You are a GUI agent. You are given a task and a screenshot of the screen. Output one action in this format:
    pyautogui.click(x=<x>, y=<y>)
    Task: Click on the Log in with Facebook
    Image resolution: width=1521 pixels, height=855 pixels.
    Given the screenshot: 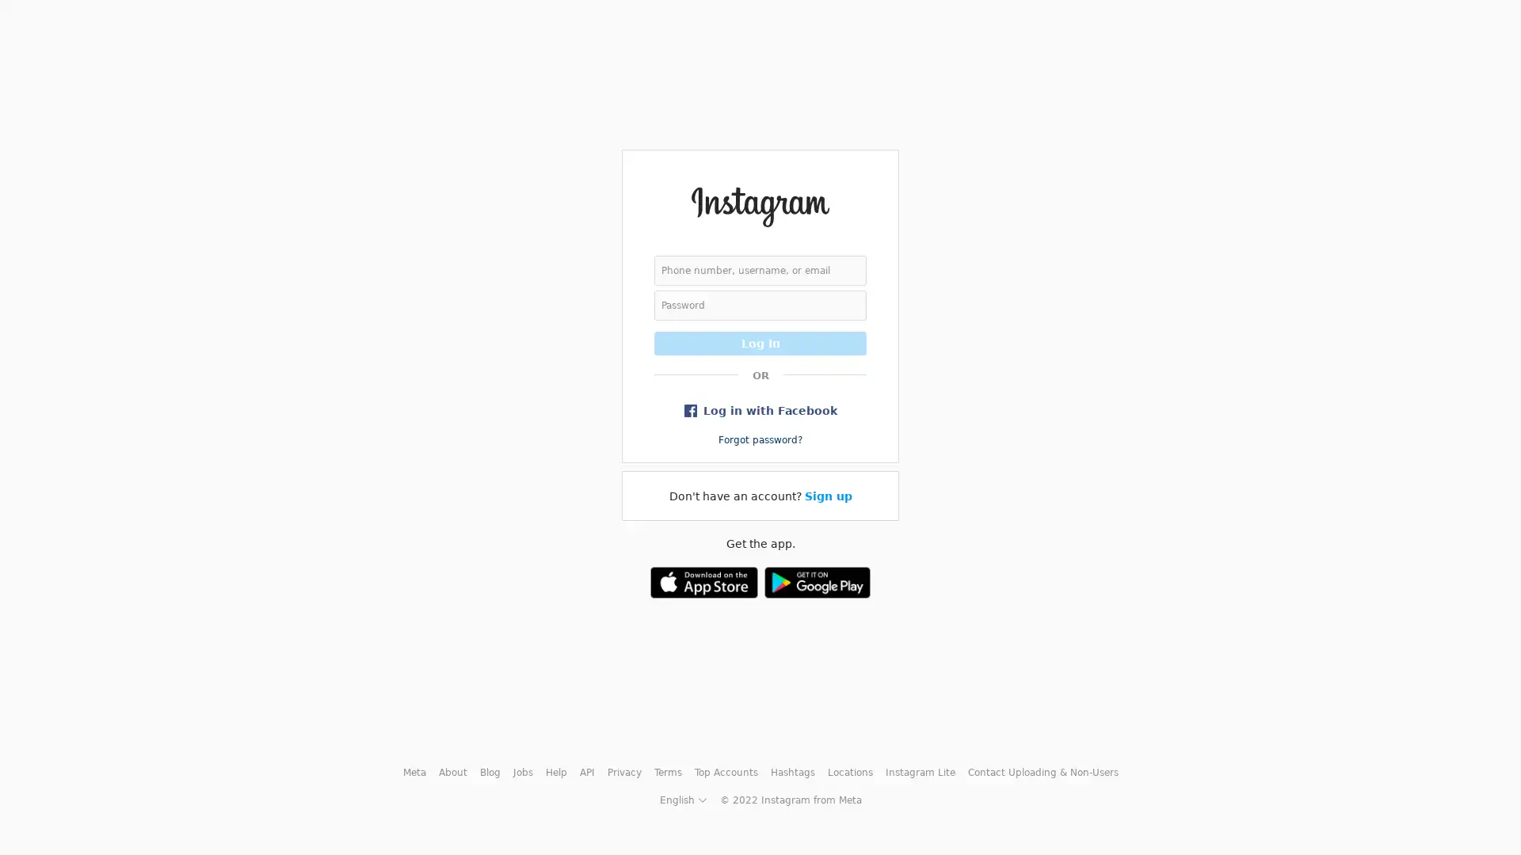 What is the action you would take?
    pyautogui.click(x=760, y=408)
    